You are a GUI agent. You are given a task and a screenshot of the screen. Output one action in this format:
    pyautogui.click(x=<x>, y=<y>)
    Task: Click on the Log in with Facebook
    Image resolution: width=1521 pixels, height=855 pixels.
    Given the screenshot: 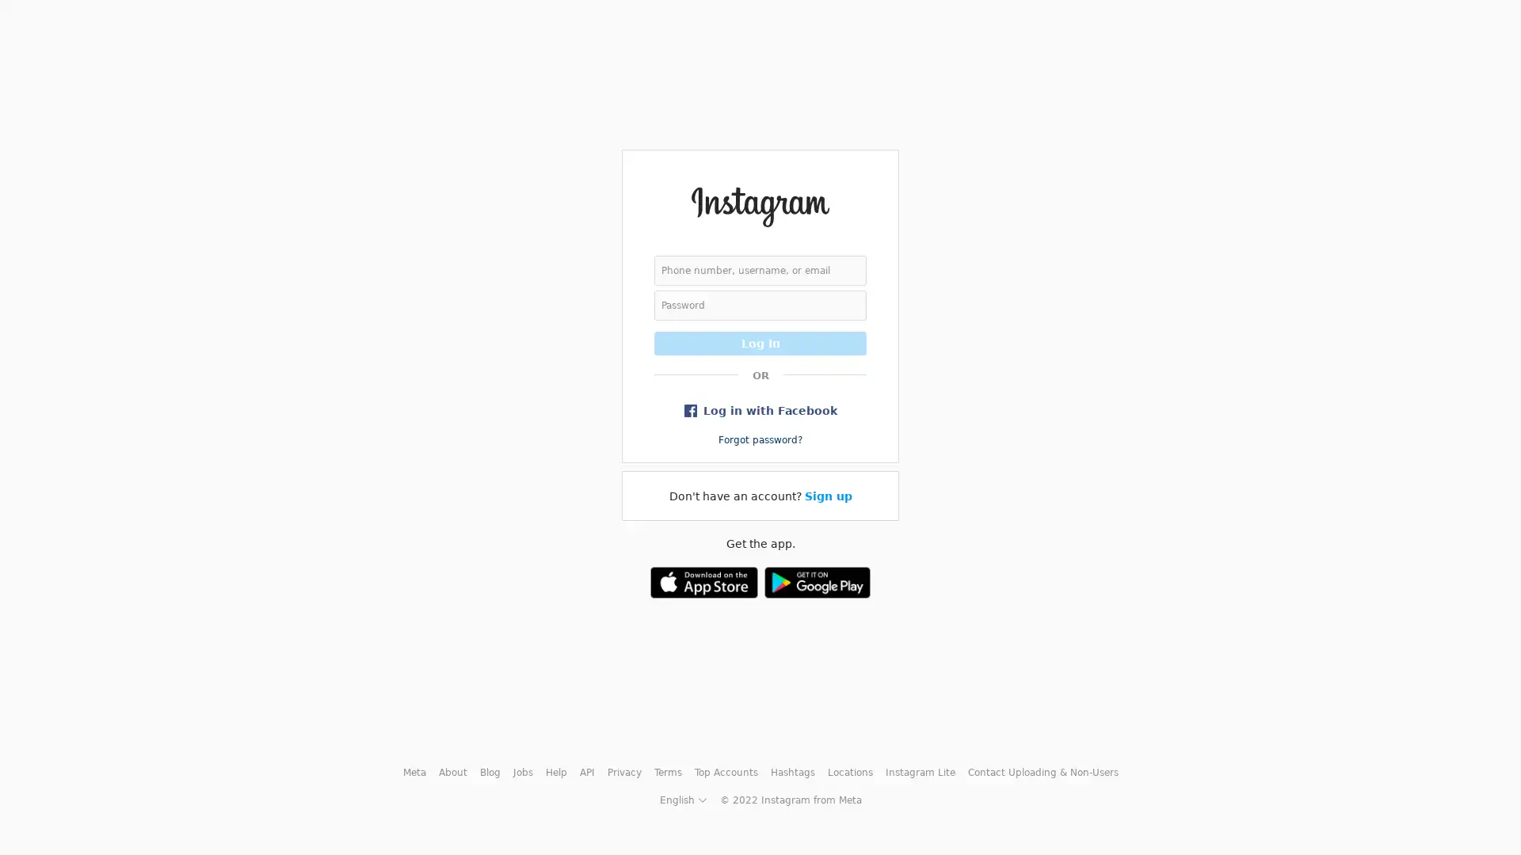 What is the action you would take?
    pyautogui.click(x=760, y=408)
    